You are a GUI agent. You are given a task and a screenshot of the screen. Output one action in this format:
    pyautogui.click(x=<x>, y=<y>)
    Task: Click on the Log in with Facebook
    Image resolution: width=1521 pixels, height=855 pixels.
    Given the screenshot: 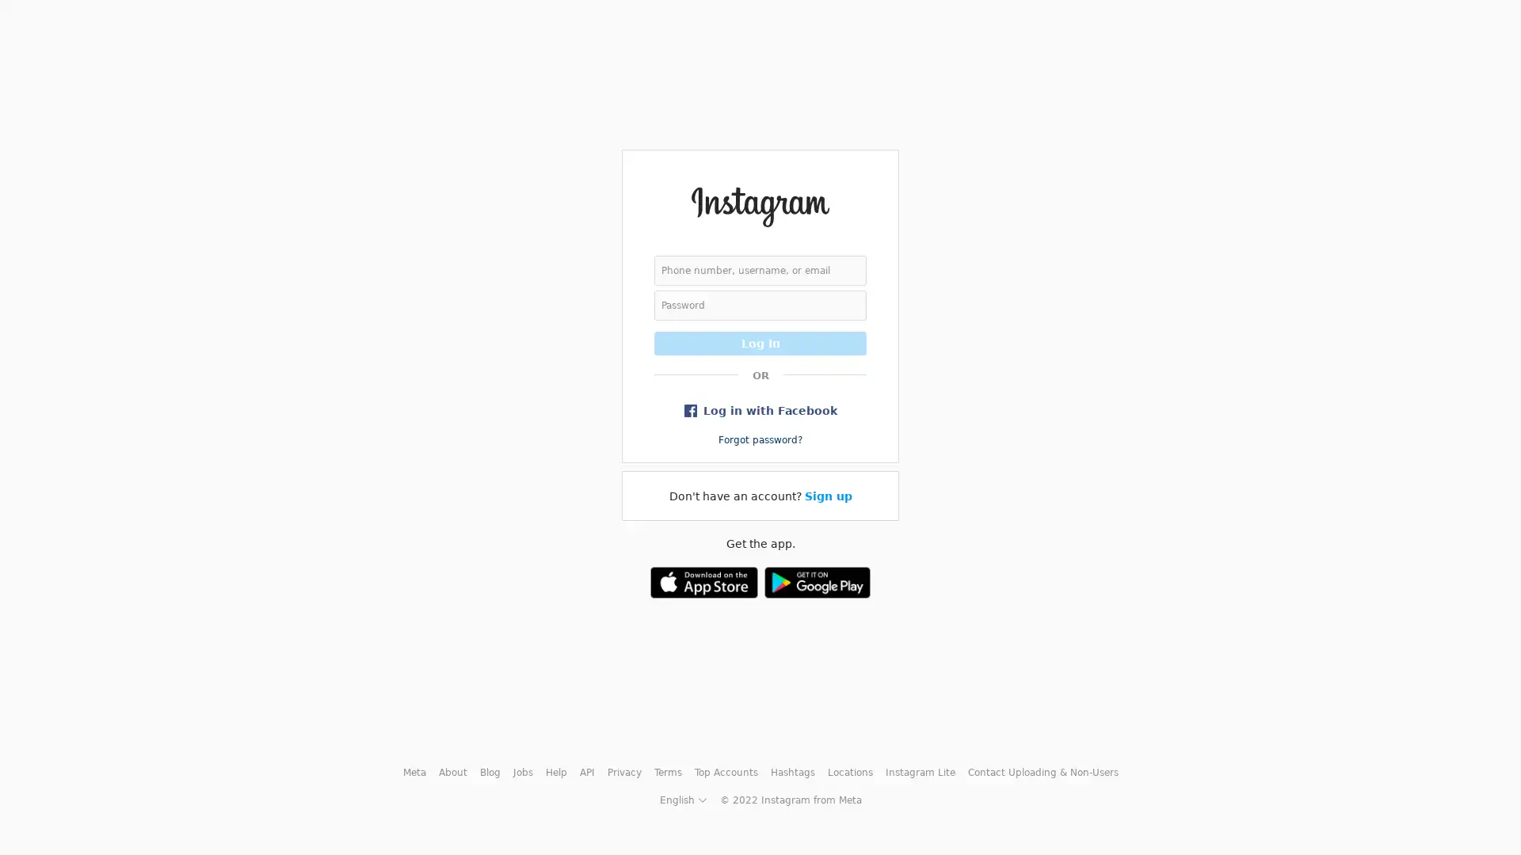 What is the action you would take?
    pyautogui.click(x=760, y=408)
    